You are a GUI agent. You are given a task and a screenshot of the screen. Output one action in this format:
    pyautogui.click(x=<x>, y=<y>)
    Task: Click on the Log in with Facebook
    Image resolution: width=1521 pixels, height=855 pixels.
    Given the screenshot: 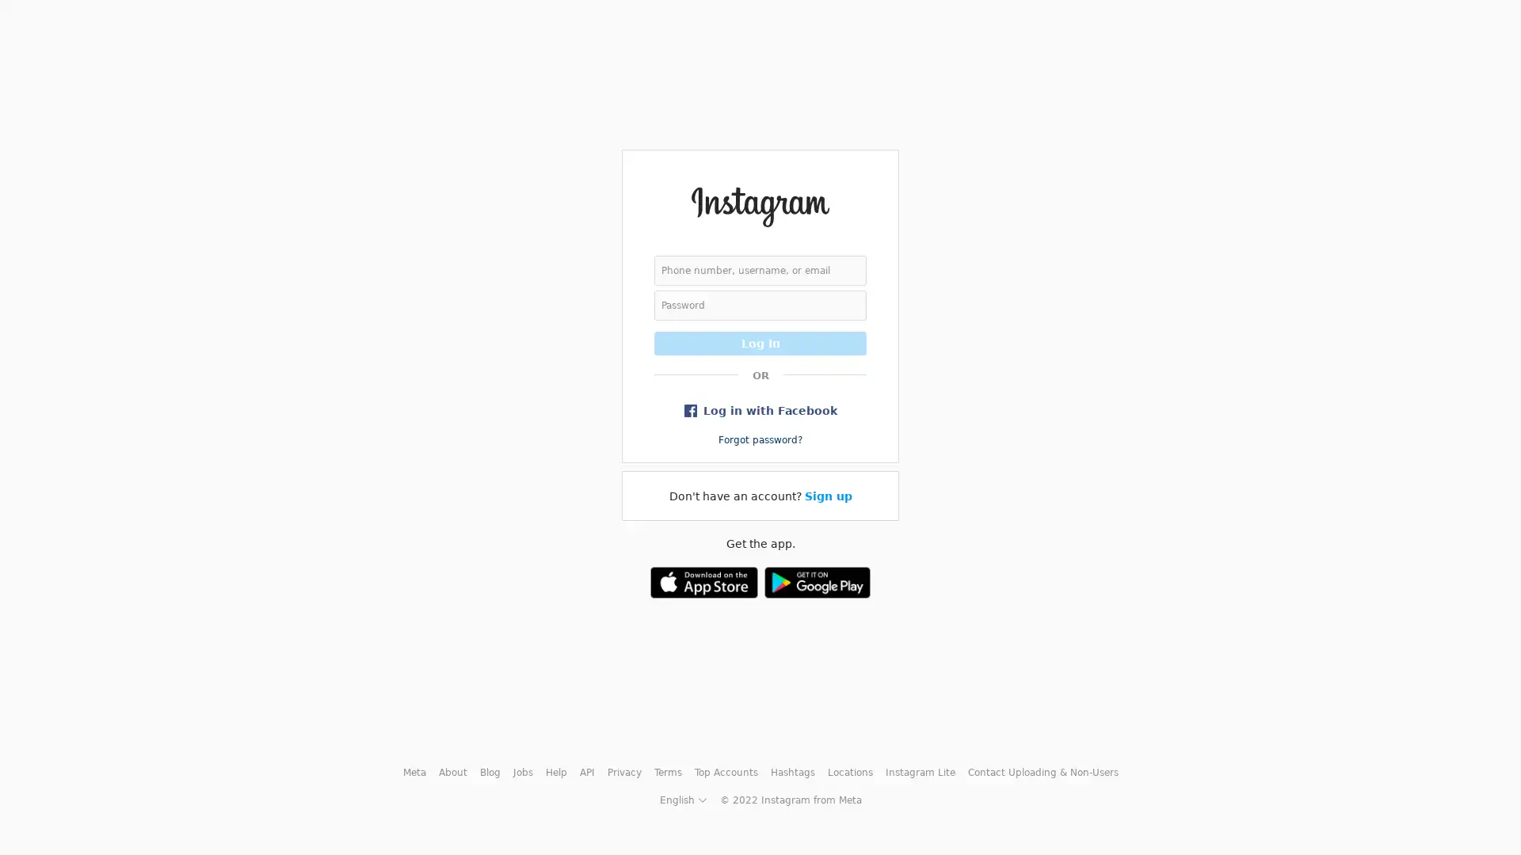 What is the action you would take?
    pyautogui.click(x=760, y=408)
    